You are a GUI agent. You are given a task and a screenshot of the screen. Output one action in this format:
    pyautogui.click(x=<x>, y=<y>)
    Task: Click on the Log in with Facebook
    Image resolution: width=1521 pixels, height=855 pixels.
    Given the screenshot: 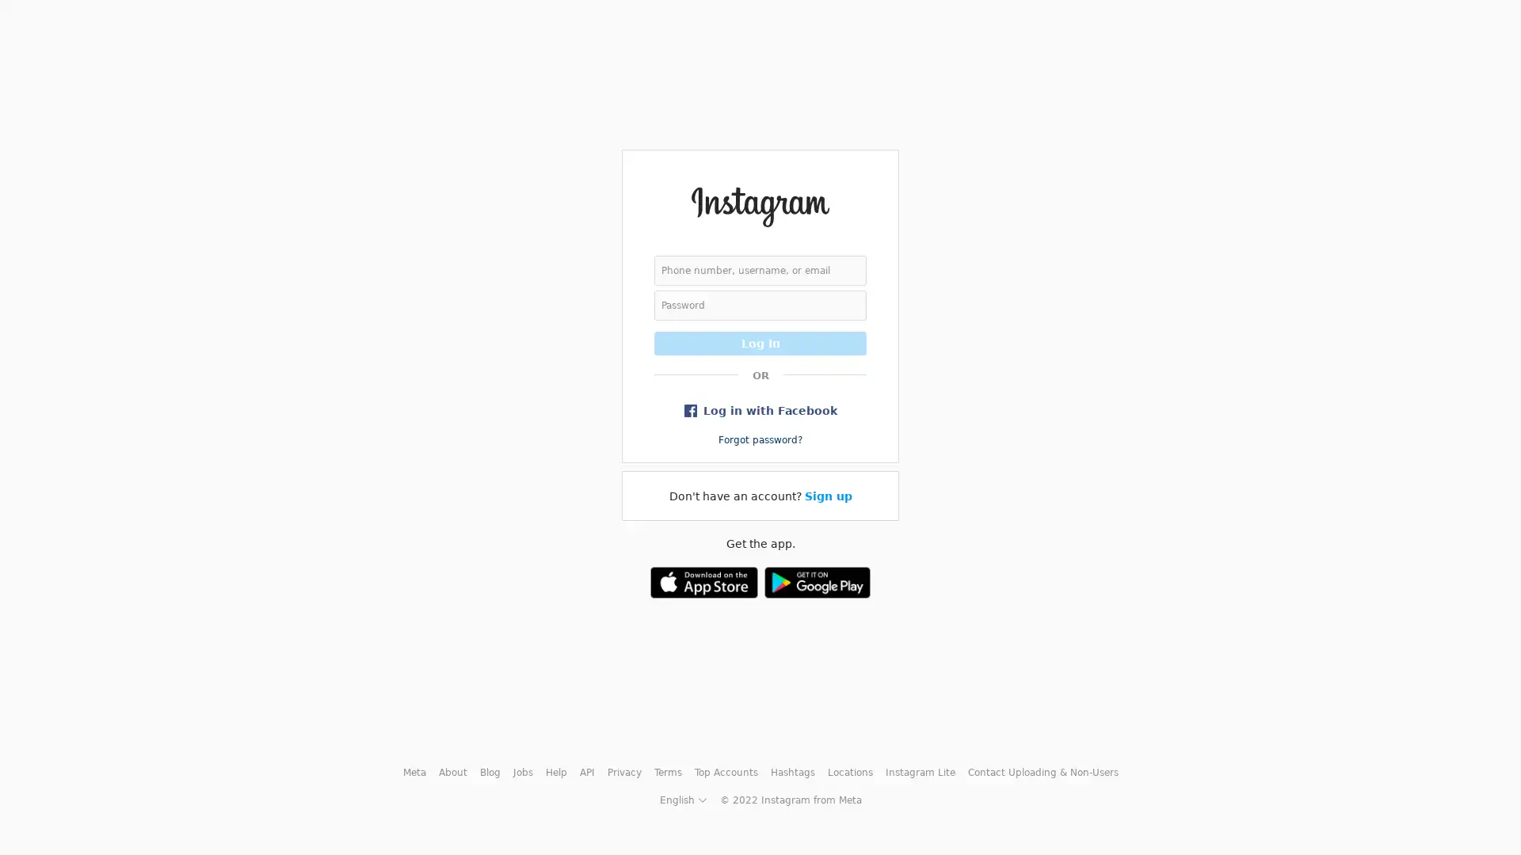 What is the action you would take?
    pyautogui.click(x=760, y=408)
    